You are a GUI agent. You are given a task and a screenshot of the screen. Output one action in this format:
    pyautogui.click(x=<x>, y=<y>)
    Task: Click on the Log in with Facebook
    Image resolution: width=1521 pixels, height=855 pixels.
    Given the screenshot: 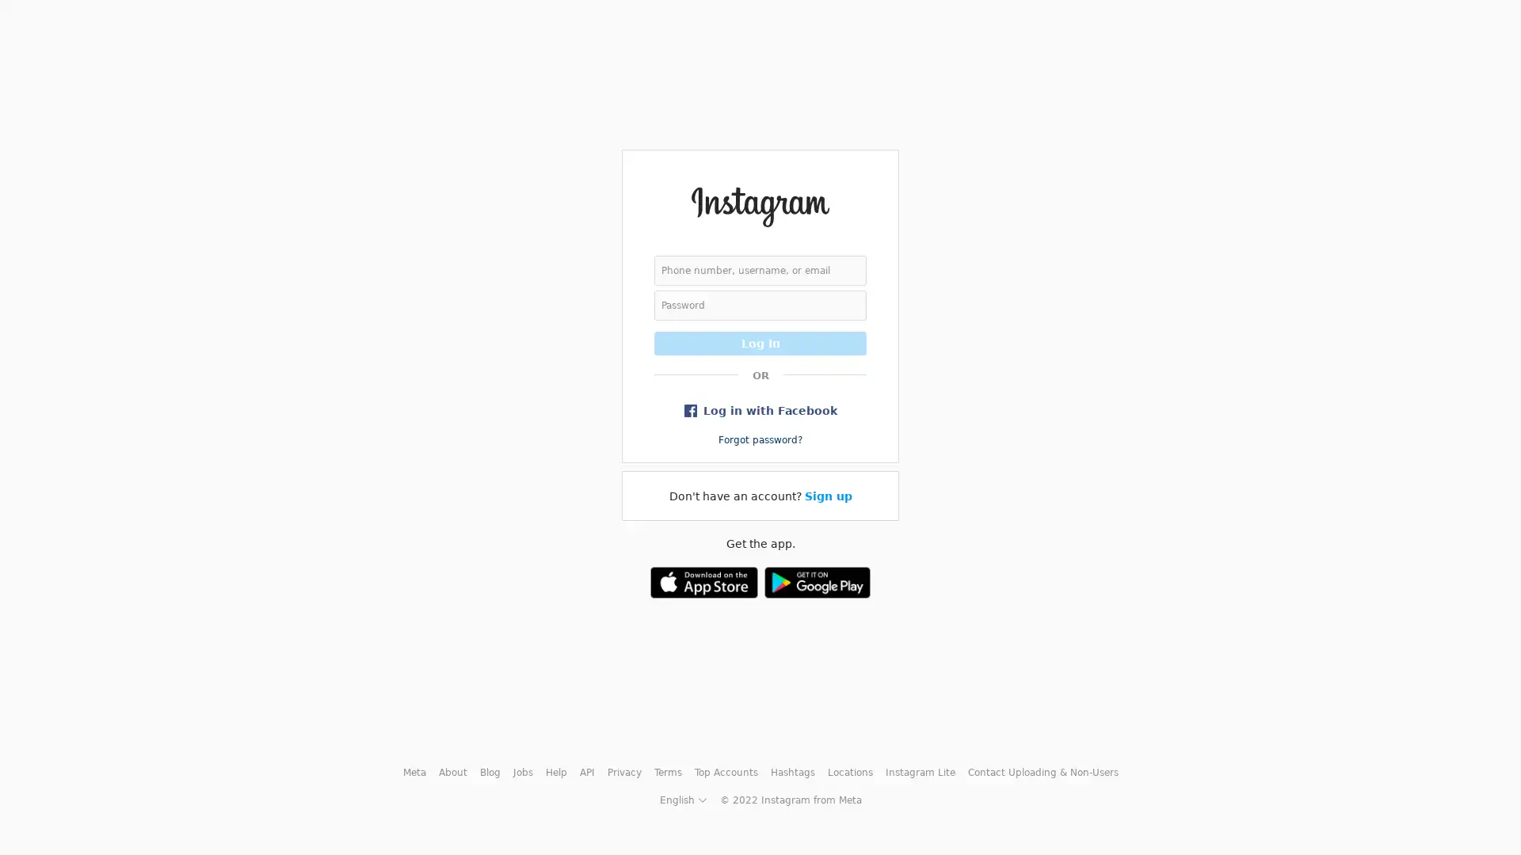 What is the action you would take?
    pyautogui.click(x=760, y=408)
    